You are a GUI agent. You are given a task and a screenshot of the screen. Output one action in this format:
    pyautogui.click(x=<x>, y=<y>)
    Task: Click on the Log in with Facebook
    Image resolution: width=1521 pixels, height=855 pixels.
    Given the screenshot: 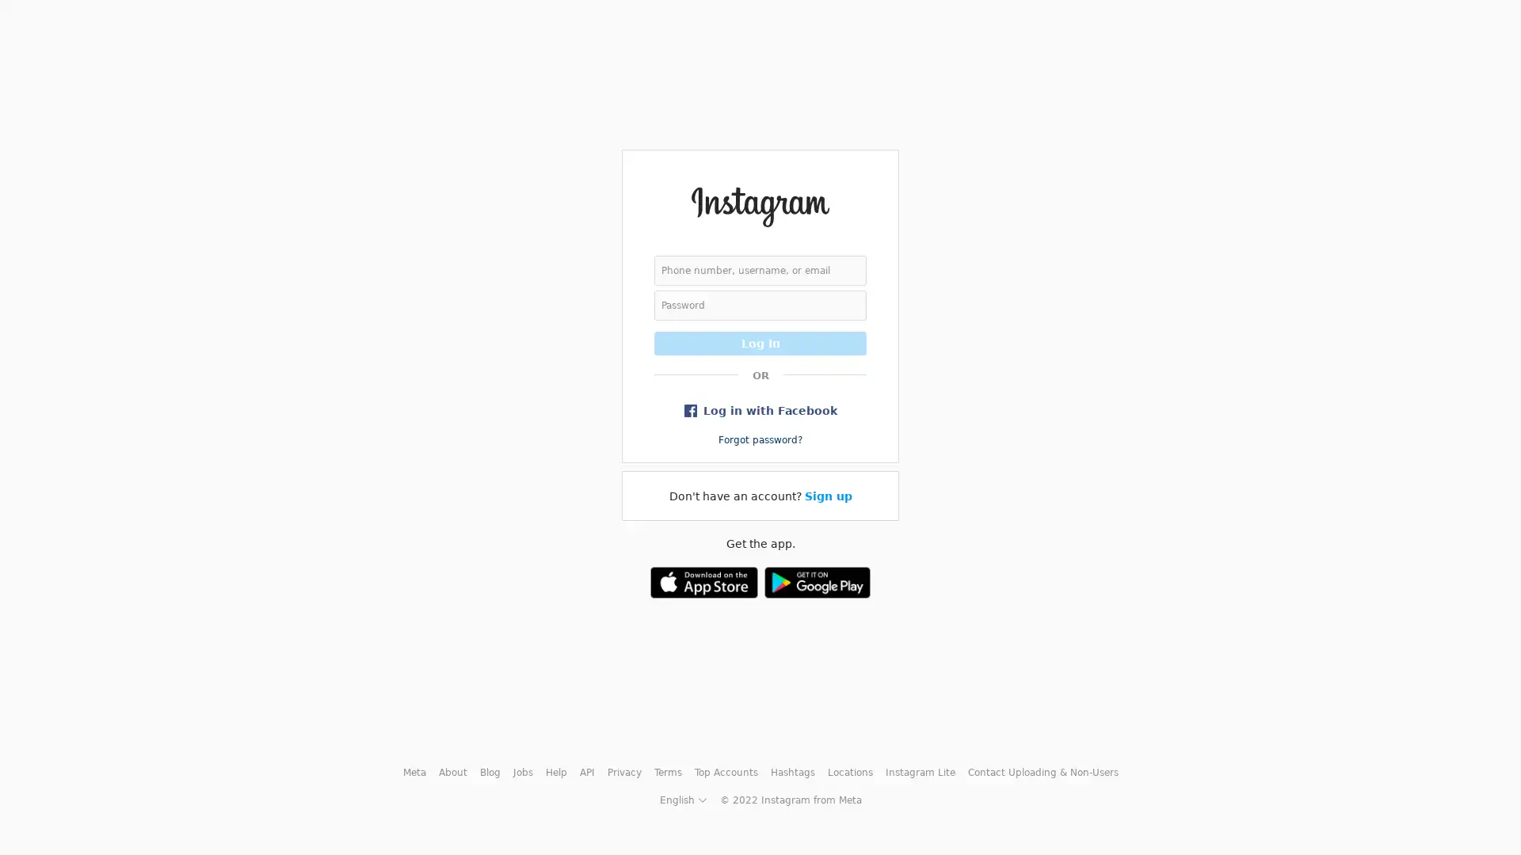 What is the action you would take?
    pyautogui.click(x=760, y=408)
    